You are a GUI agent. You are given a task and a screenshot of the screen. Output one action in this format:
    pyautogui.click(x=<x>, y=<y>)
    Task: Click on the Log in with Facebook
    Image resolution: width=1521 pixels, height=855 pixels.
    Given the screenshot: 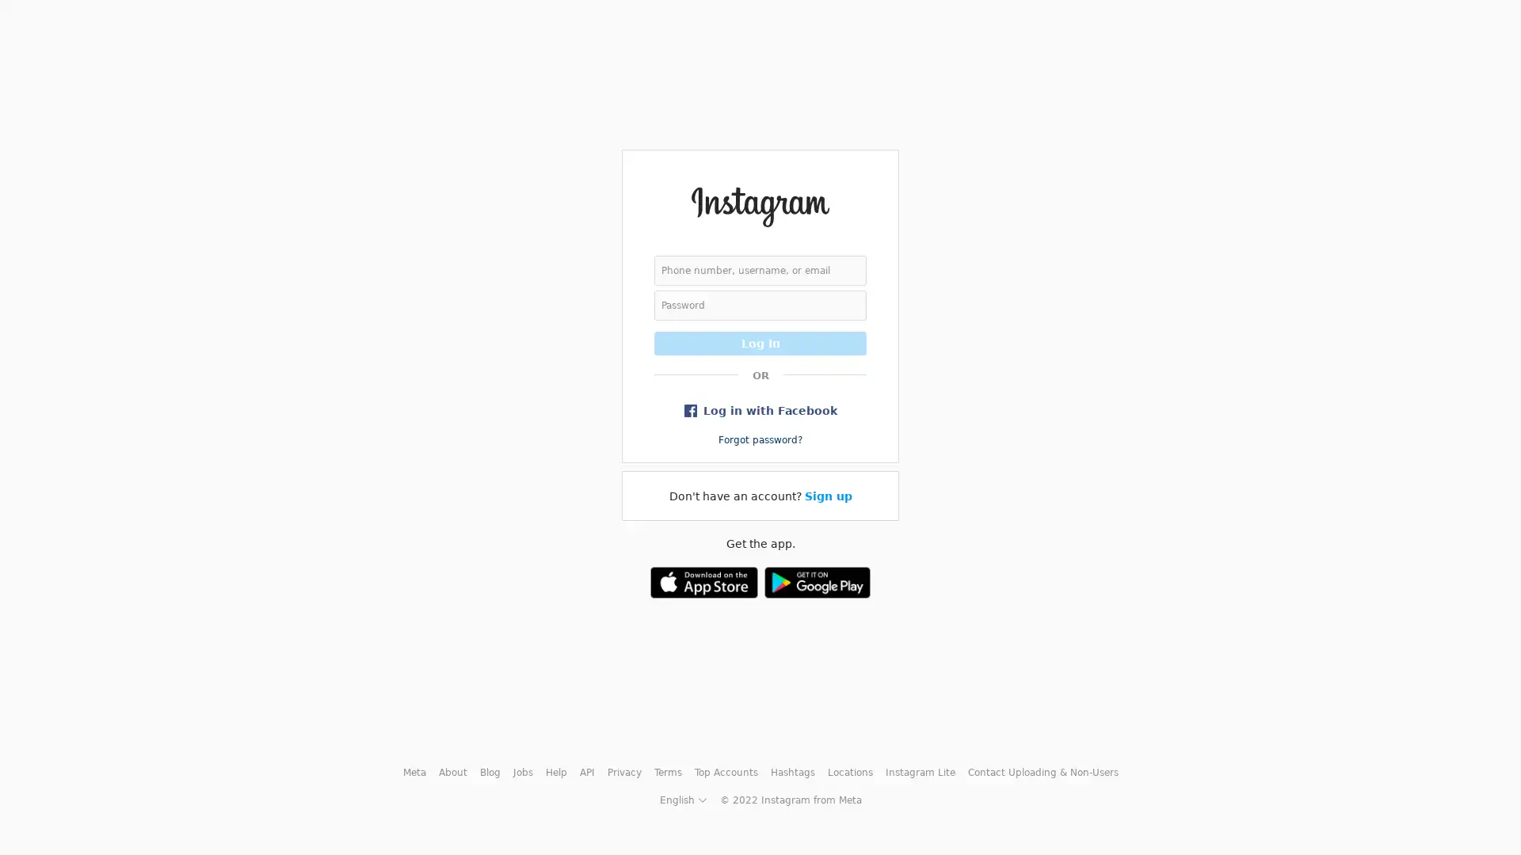 What is the action you would take?
    pyautogui.click(x=760, y=408)
    